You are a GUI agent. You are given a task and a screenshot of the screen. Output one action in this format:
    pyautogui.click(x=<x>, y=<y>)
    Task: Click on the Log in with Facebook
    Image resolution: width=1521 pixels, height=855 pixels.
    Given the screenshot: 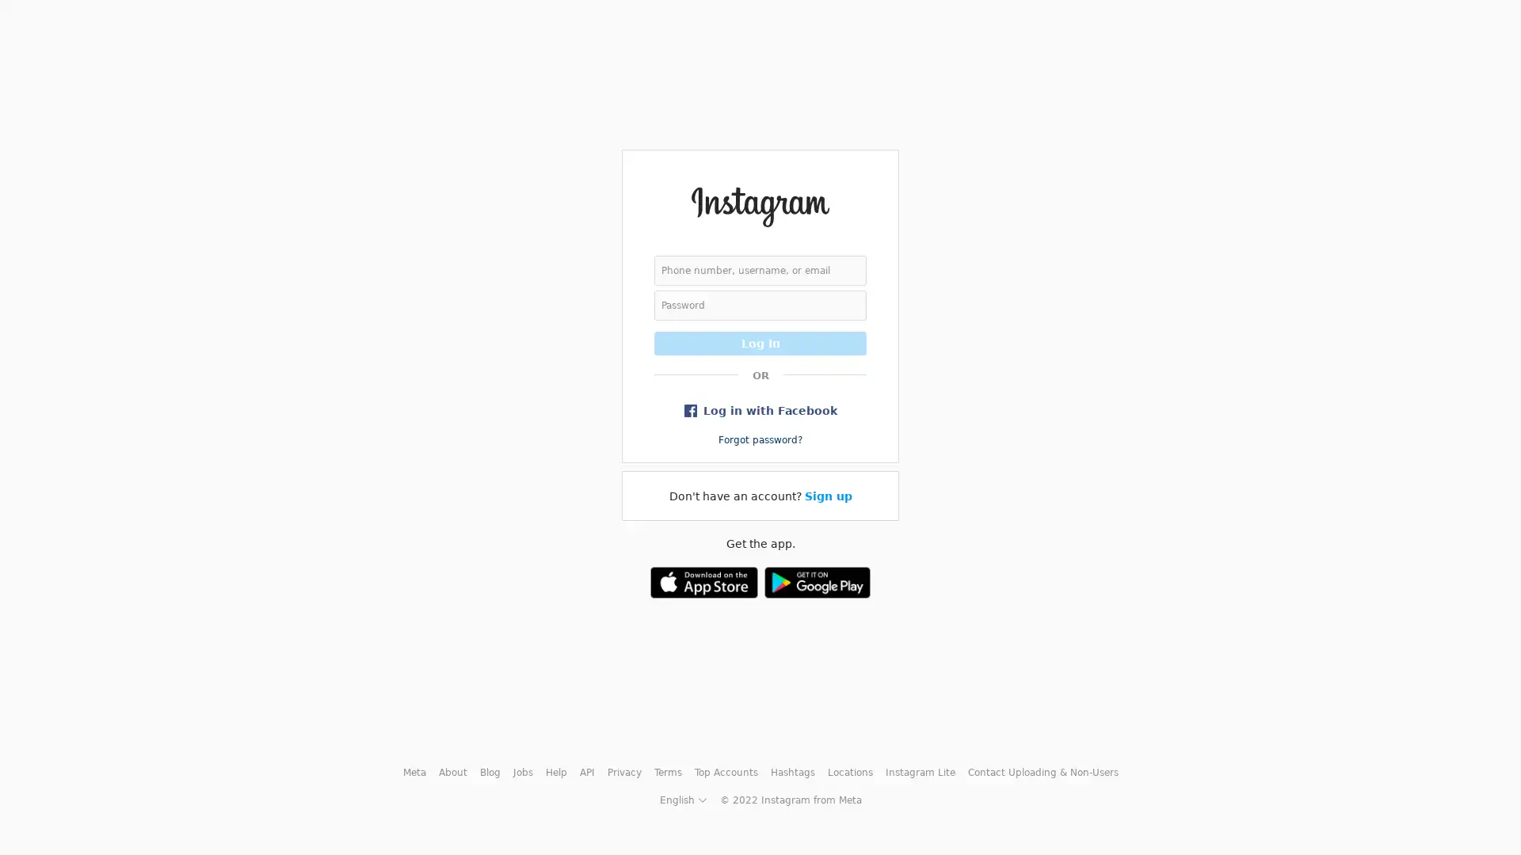 What is the action you would take?
    pyautogui.click(x=760, y=408)
    